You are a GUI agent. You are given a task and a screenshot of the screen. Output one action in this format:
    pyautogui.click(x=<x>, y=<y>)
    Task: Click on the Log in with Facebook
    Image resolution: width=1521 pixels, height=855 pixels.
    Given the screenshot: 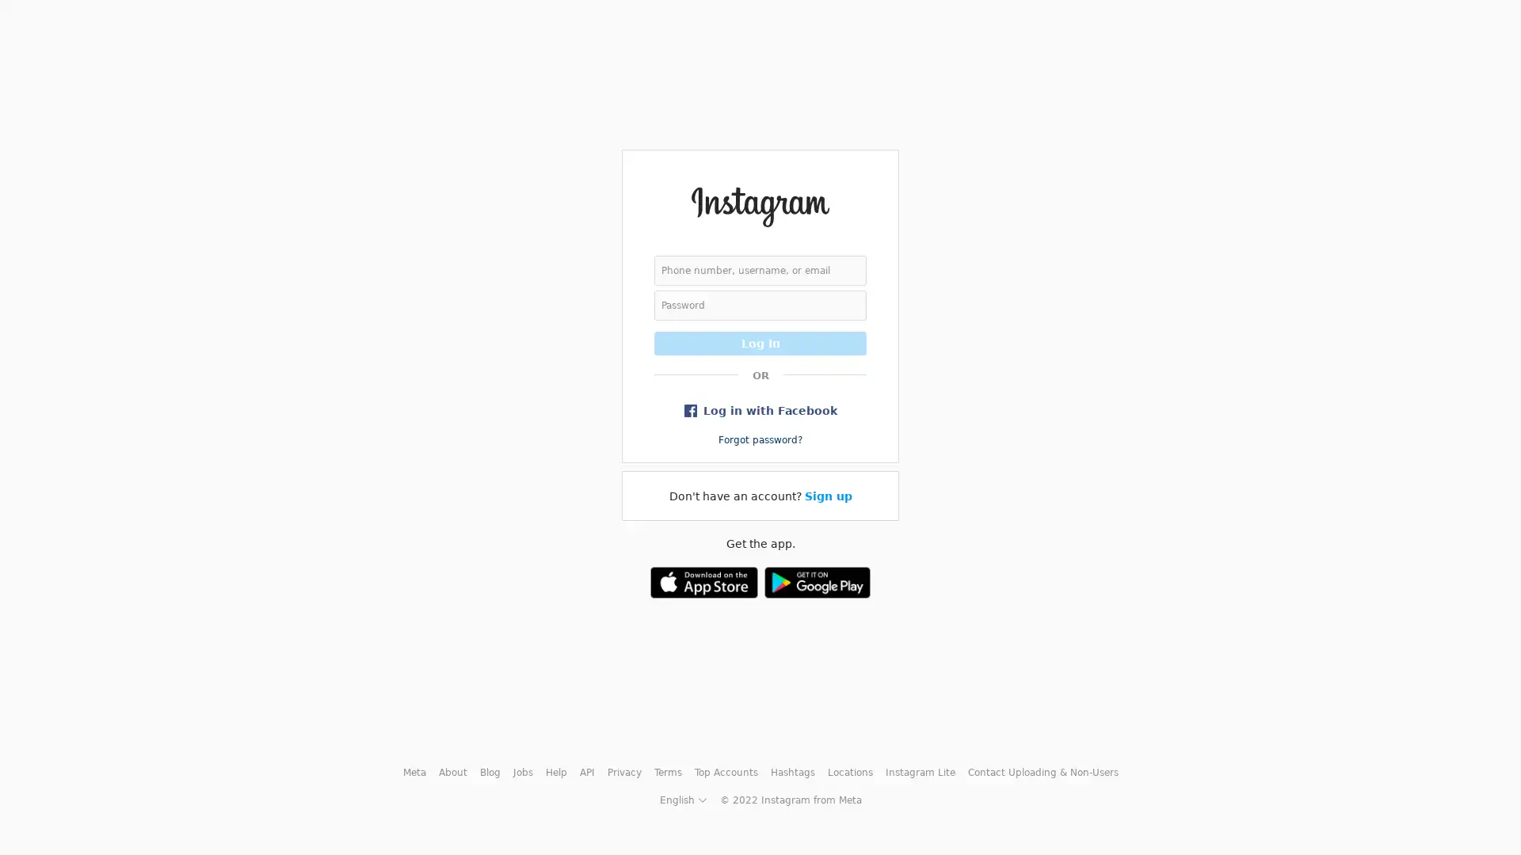 What is the action you would take?
    pyautogui.click(x=760, y=408)
    